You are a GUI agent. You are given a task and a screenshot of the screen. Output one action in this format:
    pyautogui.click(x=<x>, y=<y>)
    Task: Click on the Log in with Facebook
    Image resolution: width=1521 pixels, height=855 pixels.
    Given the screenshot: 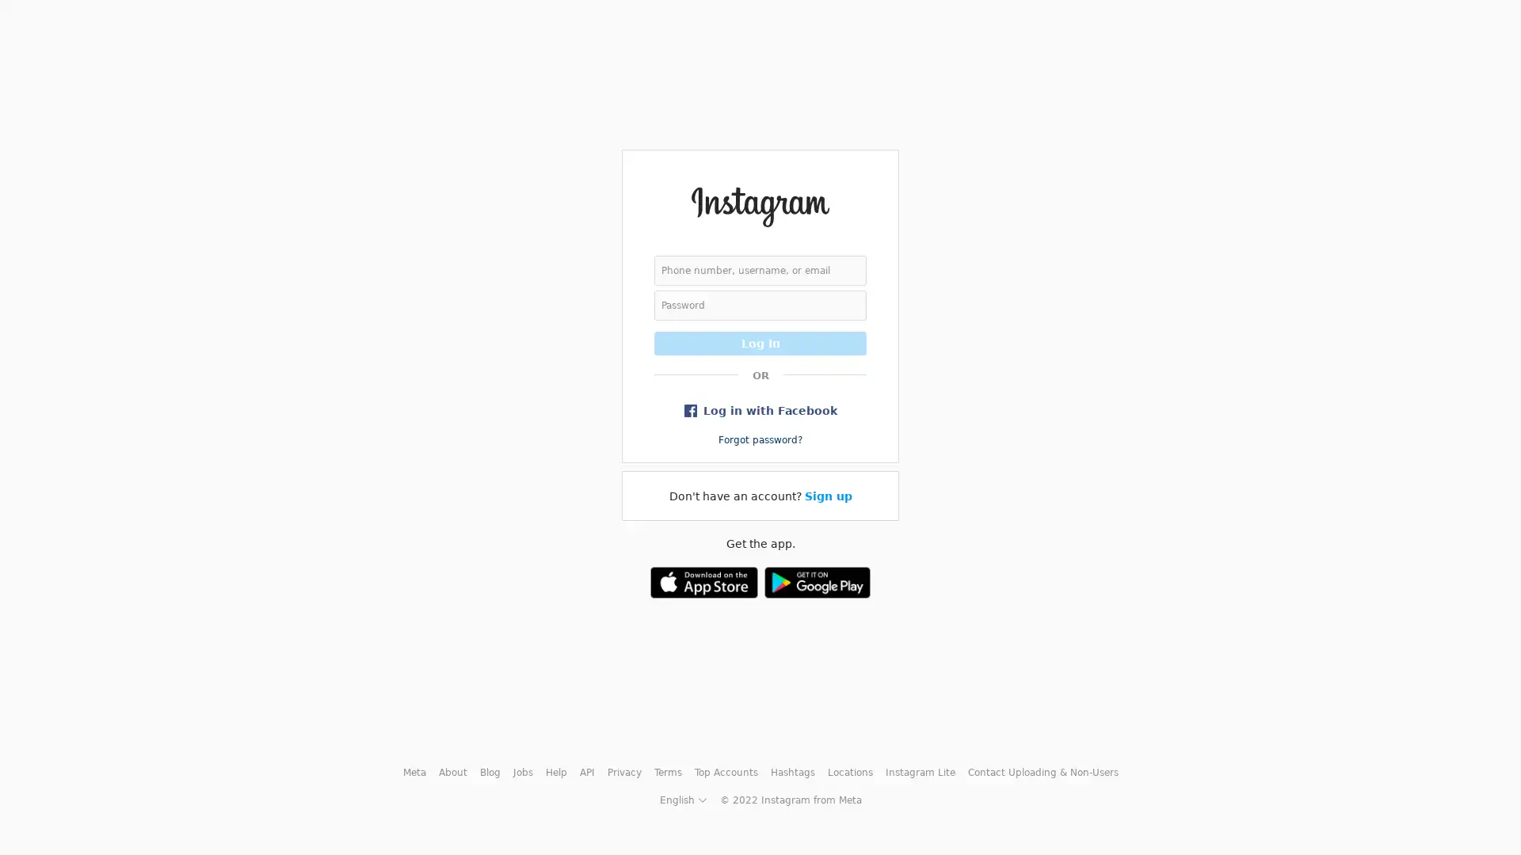 What is the action you would take?
    pyautogui.click(x=760, y=408)
    